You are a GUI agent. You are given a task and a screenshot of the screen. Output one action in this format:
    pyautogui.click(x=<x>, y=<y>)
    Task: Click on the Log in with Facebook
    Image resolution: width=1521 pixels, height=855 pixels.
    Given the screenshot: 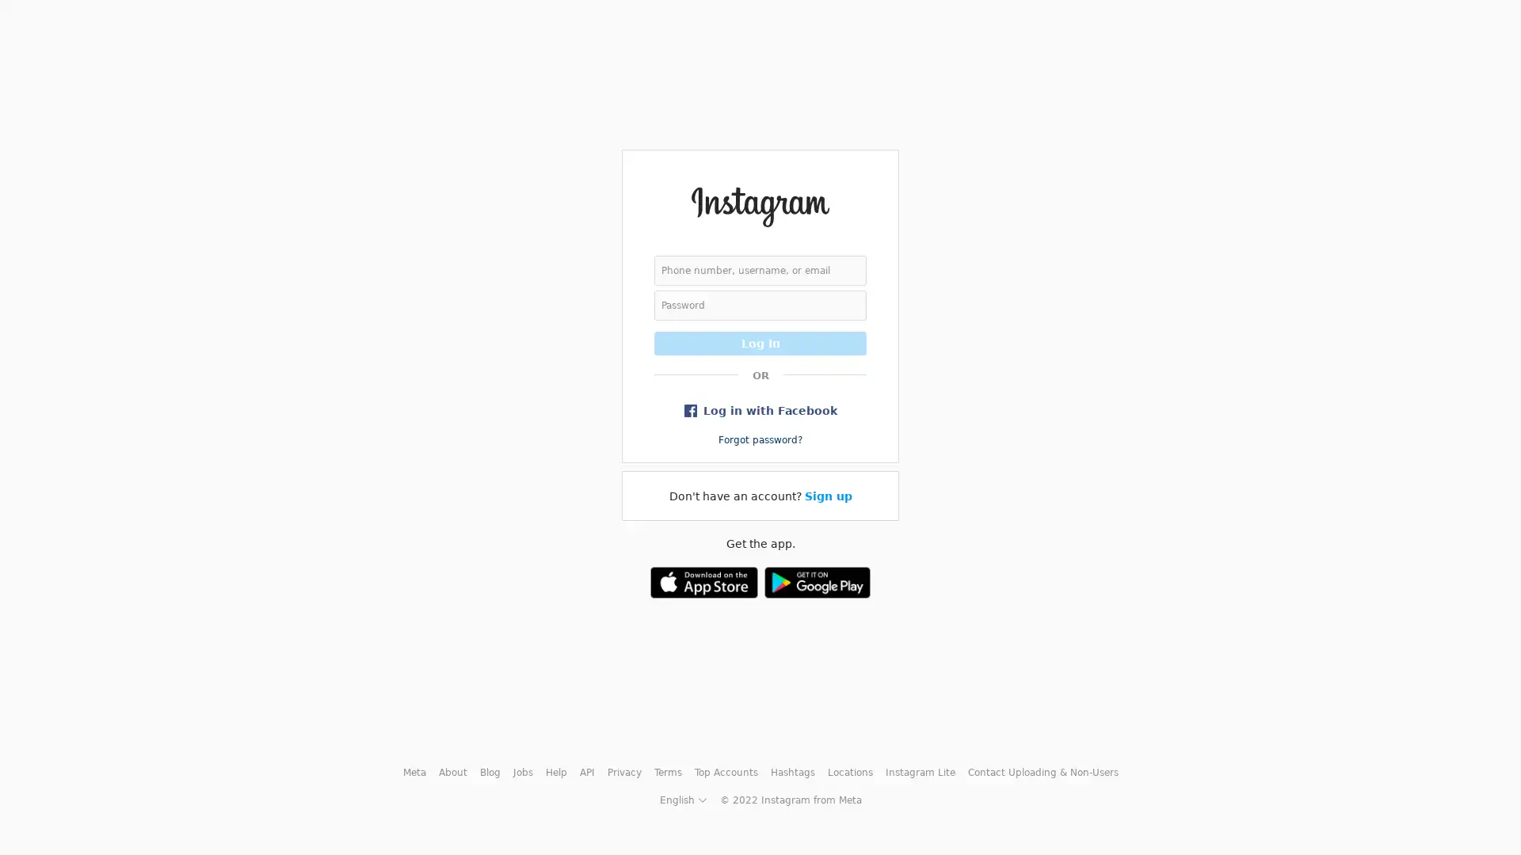 What is the action you would take?
    pyautogui.click(x=760, y=408)
    